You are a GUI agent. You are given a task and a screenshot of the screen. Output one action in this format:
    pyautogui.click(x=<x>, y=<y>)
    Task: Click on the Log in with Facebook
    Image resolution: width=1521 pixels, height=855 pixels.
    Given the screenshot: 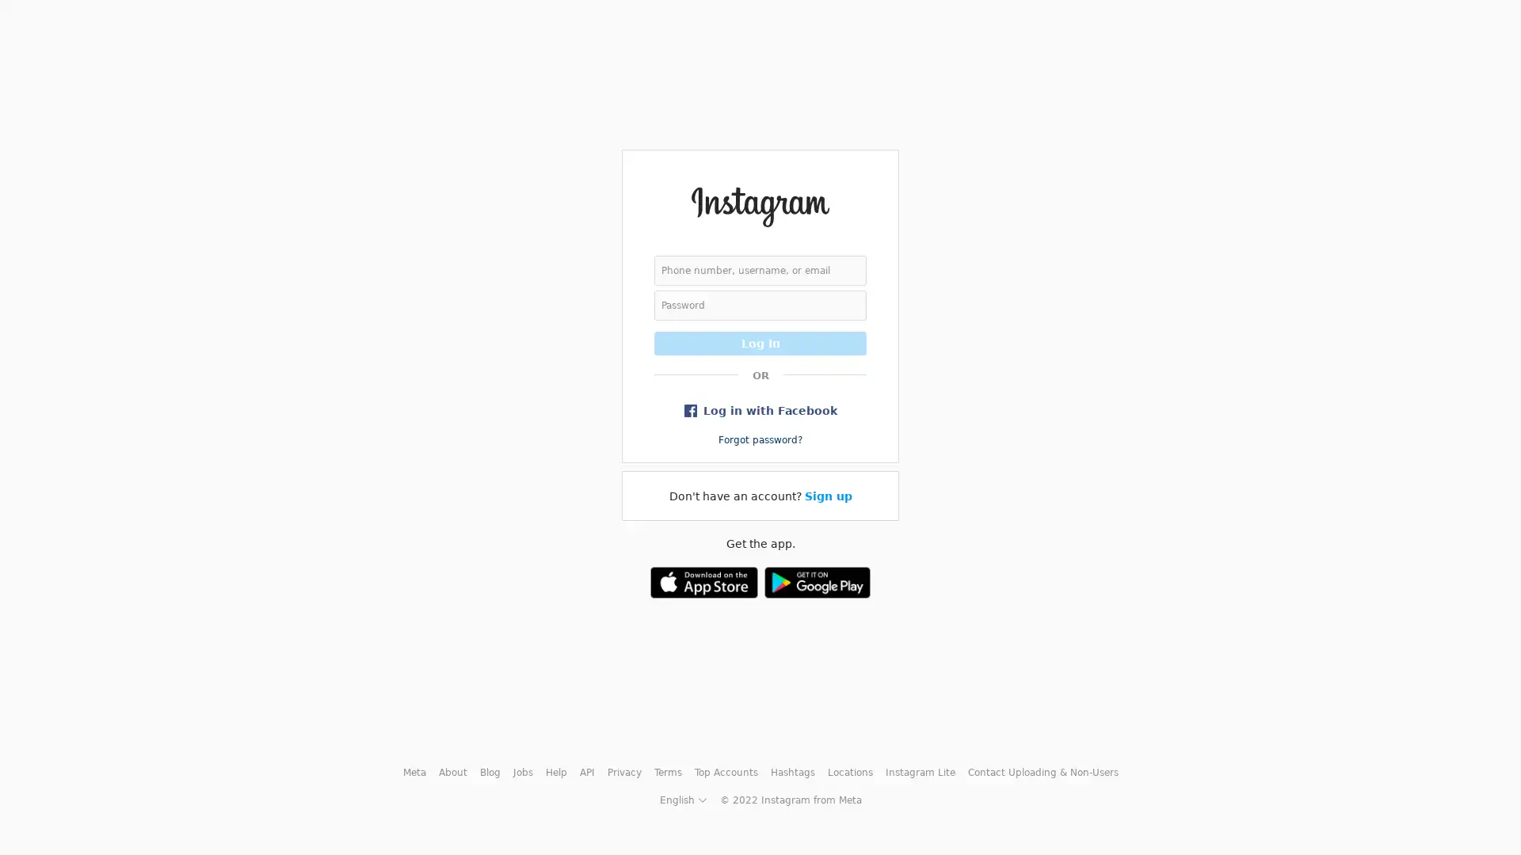 What is the action you would take?
    pyautogui.click(x=760, y=408)
    